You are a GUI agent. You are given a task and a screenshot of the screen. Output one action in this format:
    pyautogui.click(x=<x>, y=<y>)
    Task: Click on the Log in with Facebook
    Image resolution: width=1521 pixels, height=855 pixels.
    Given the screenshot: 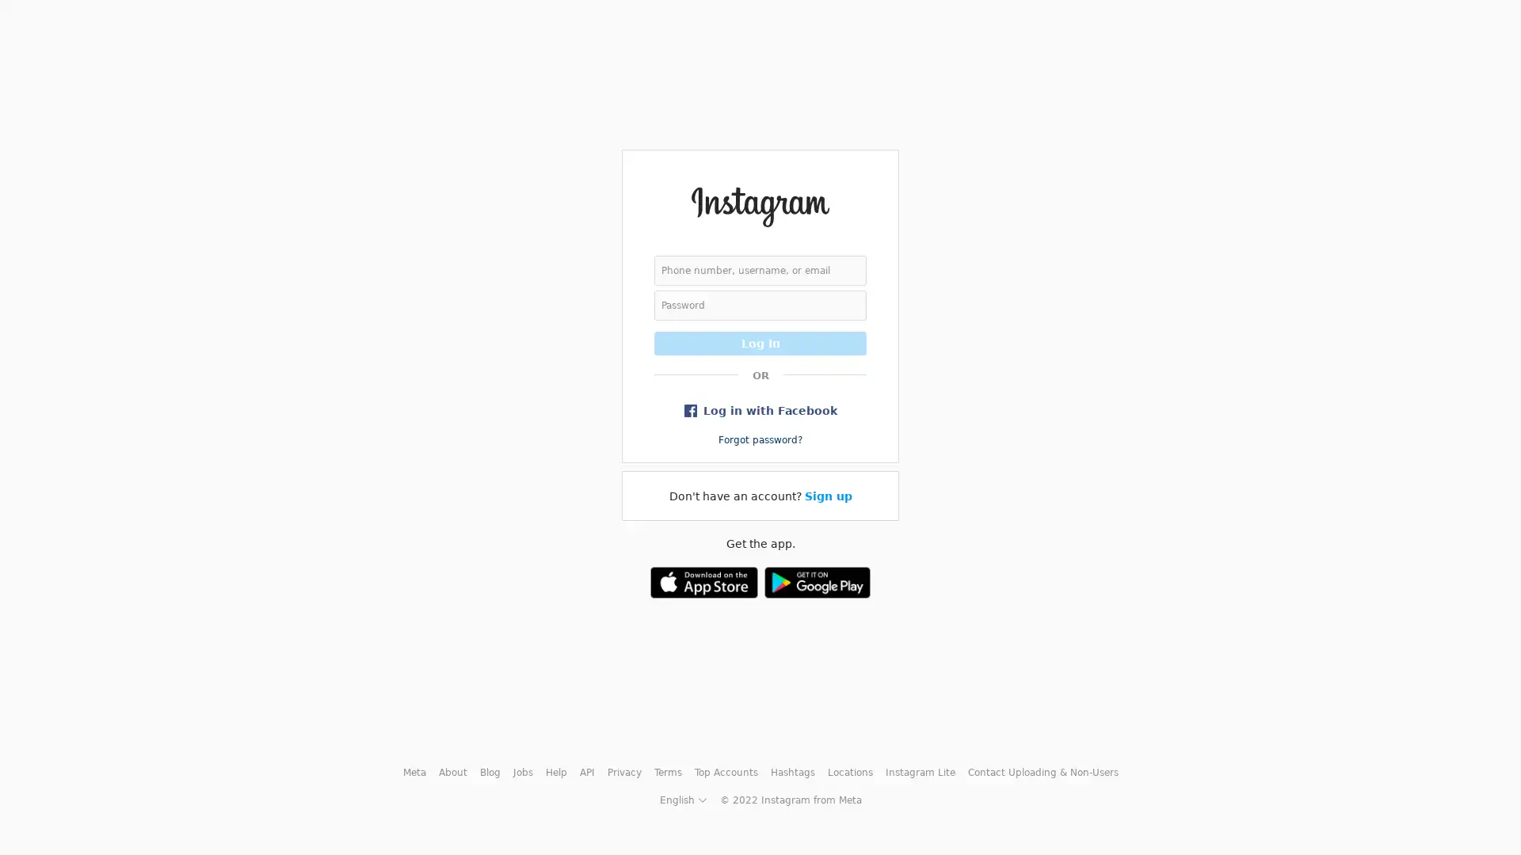 What is the action you would take?
    pyautogui.click(x=760, y=408)
    